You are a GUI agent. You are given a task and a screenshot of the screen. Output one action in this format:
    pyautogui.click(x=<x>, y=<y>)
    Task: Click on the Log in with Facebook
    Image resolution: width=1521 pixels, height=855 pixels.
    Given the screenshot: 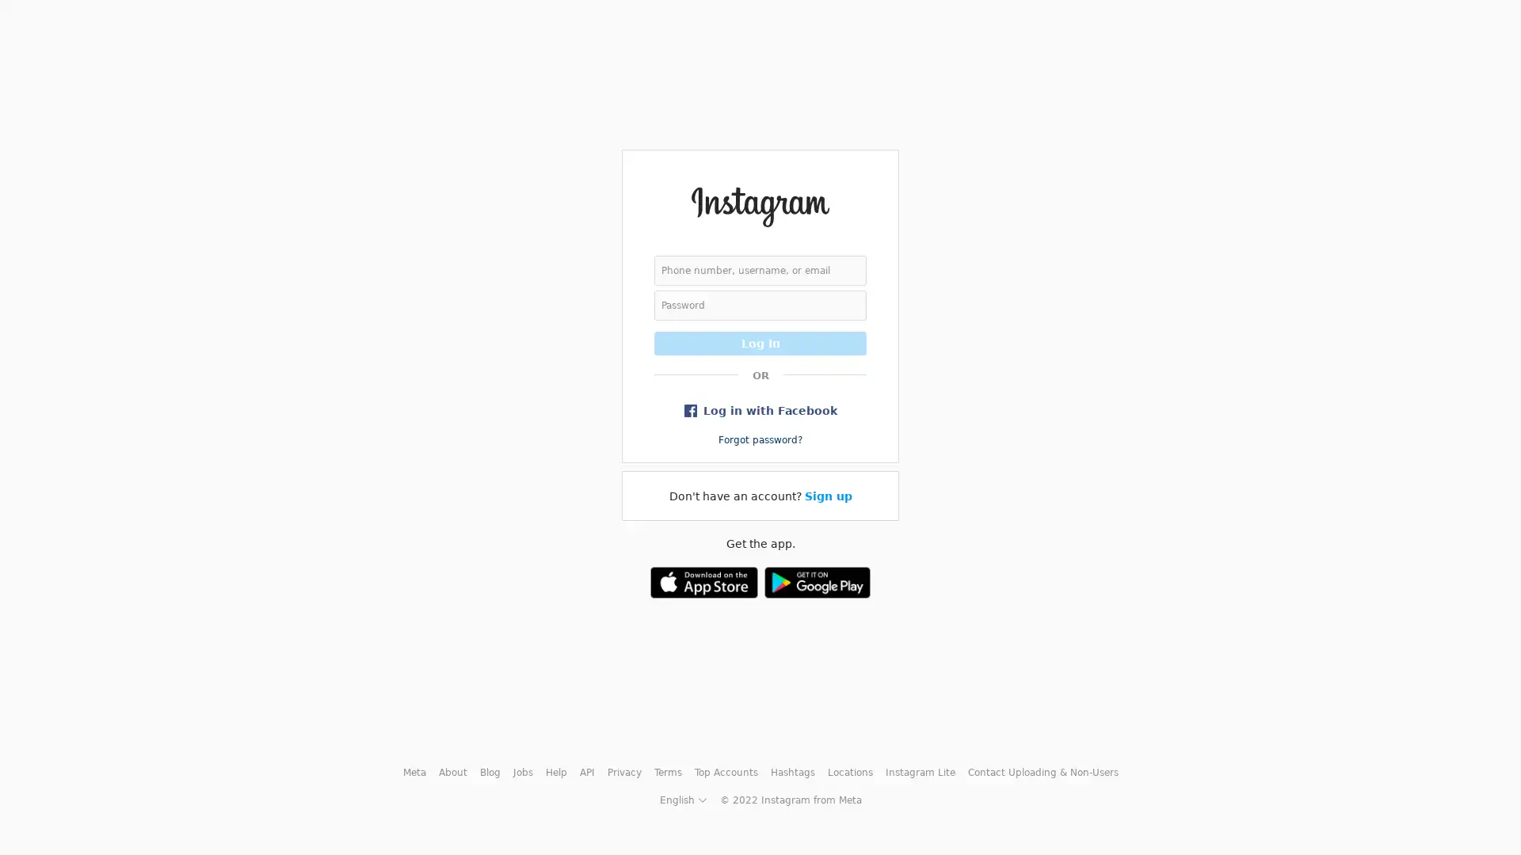 What is the action you would take?
    pyautogui.click(x=760, y=408)
    